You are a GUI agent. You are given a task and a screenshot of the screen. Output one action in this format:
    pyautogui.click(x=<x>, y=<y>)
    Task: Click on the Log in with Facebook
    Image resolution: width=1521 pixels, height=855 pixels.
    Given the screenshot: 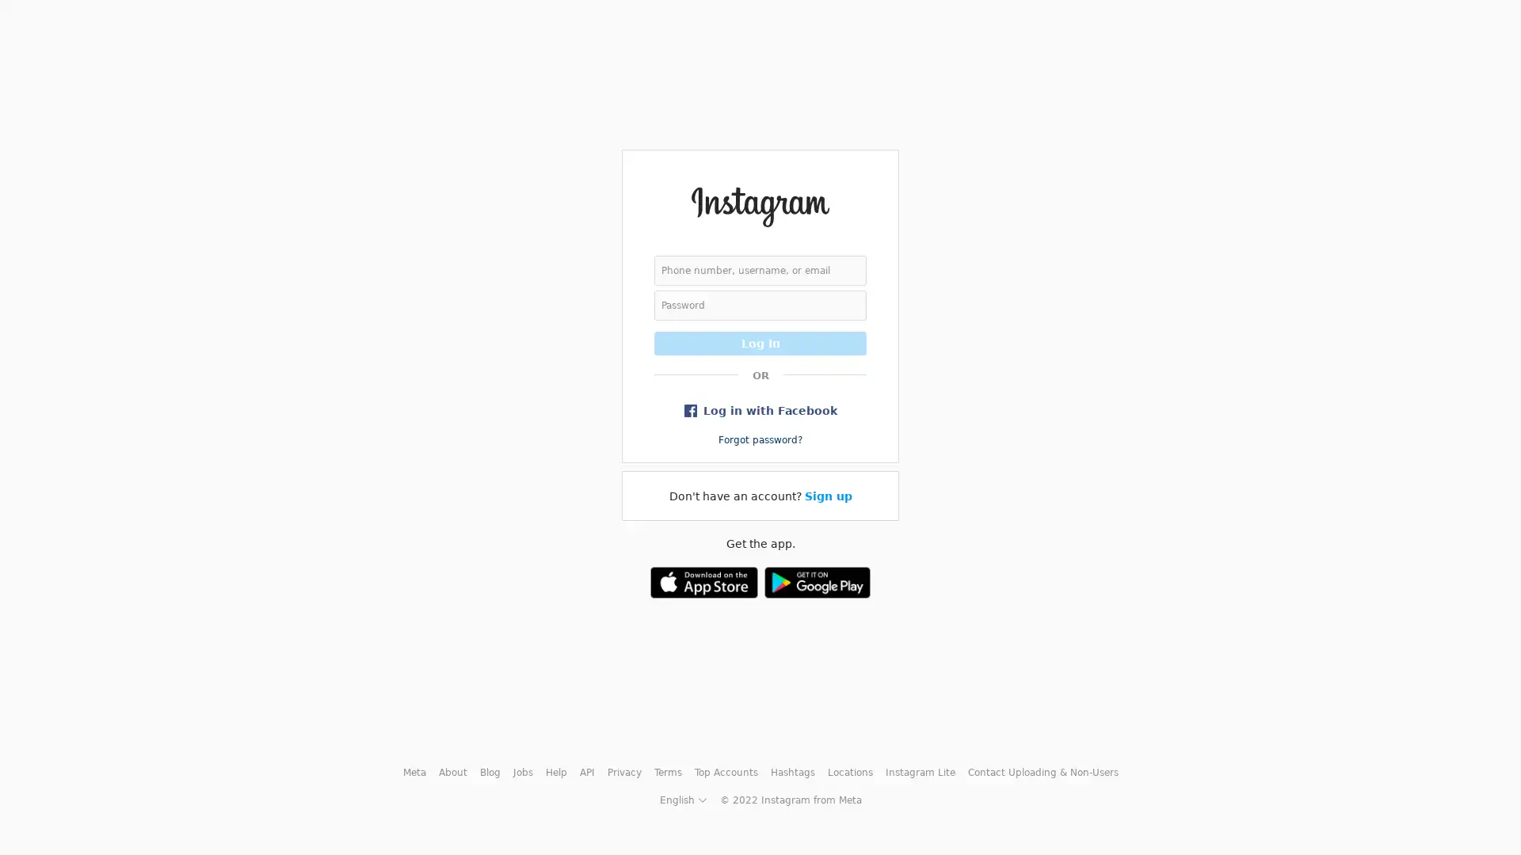 What is the action you would take?
    pyautogui.click(x=760, y=408)
    